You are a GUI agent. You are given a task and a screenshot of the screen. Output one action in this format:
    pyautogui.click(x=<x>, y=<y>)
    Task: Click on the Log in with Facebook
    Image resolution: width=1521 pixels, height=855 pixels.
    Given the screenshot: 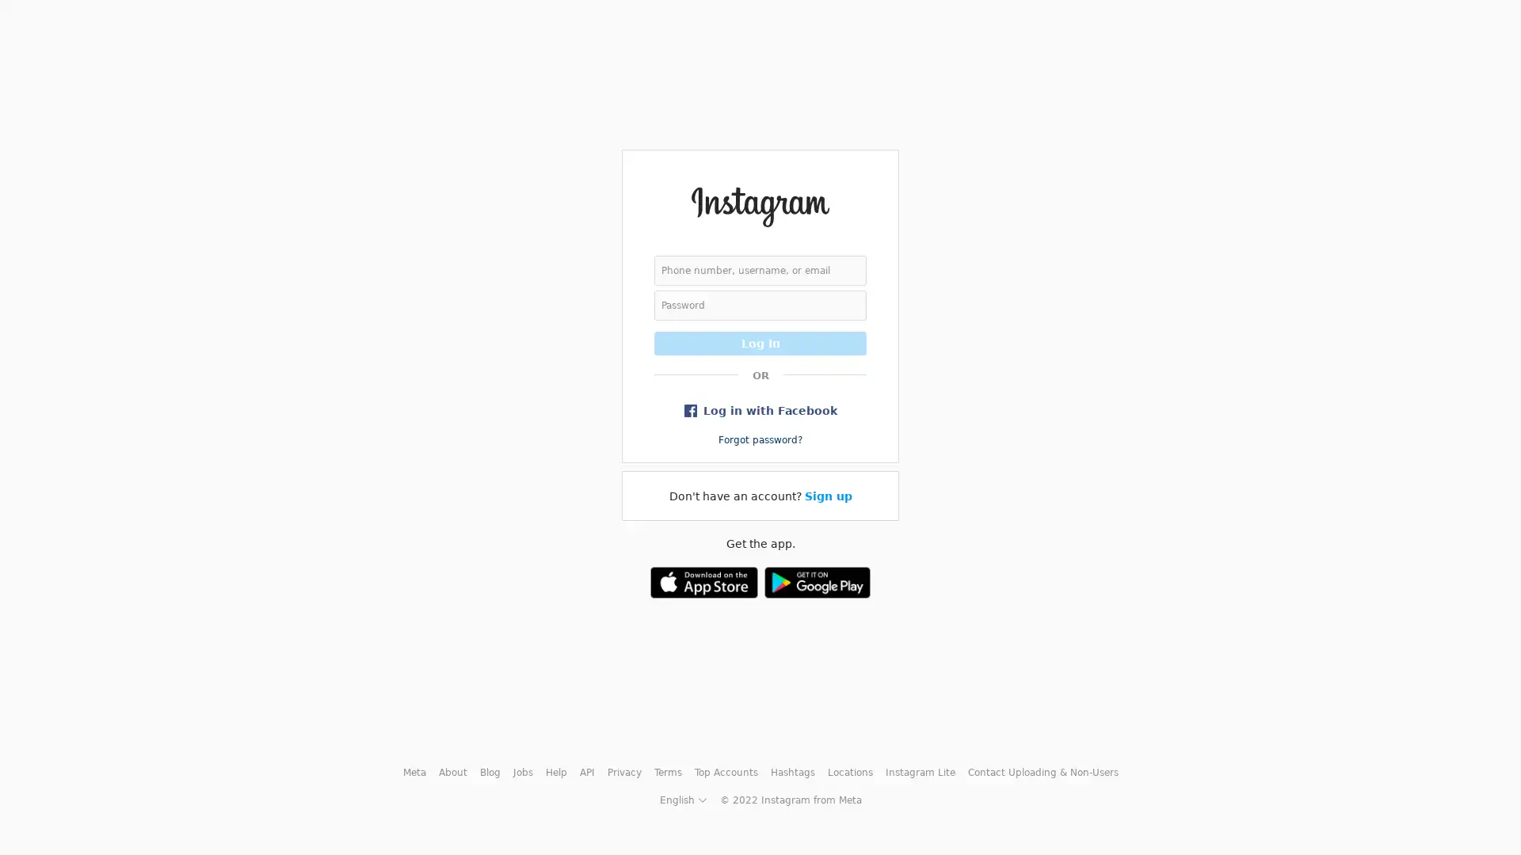 What is the action you would take?
    pyautogui.click(x=760, y=408)
    